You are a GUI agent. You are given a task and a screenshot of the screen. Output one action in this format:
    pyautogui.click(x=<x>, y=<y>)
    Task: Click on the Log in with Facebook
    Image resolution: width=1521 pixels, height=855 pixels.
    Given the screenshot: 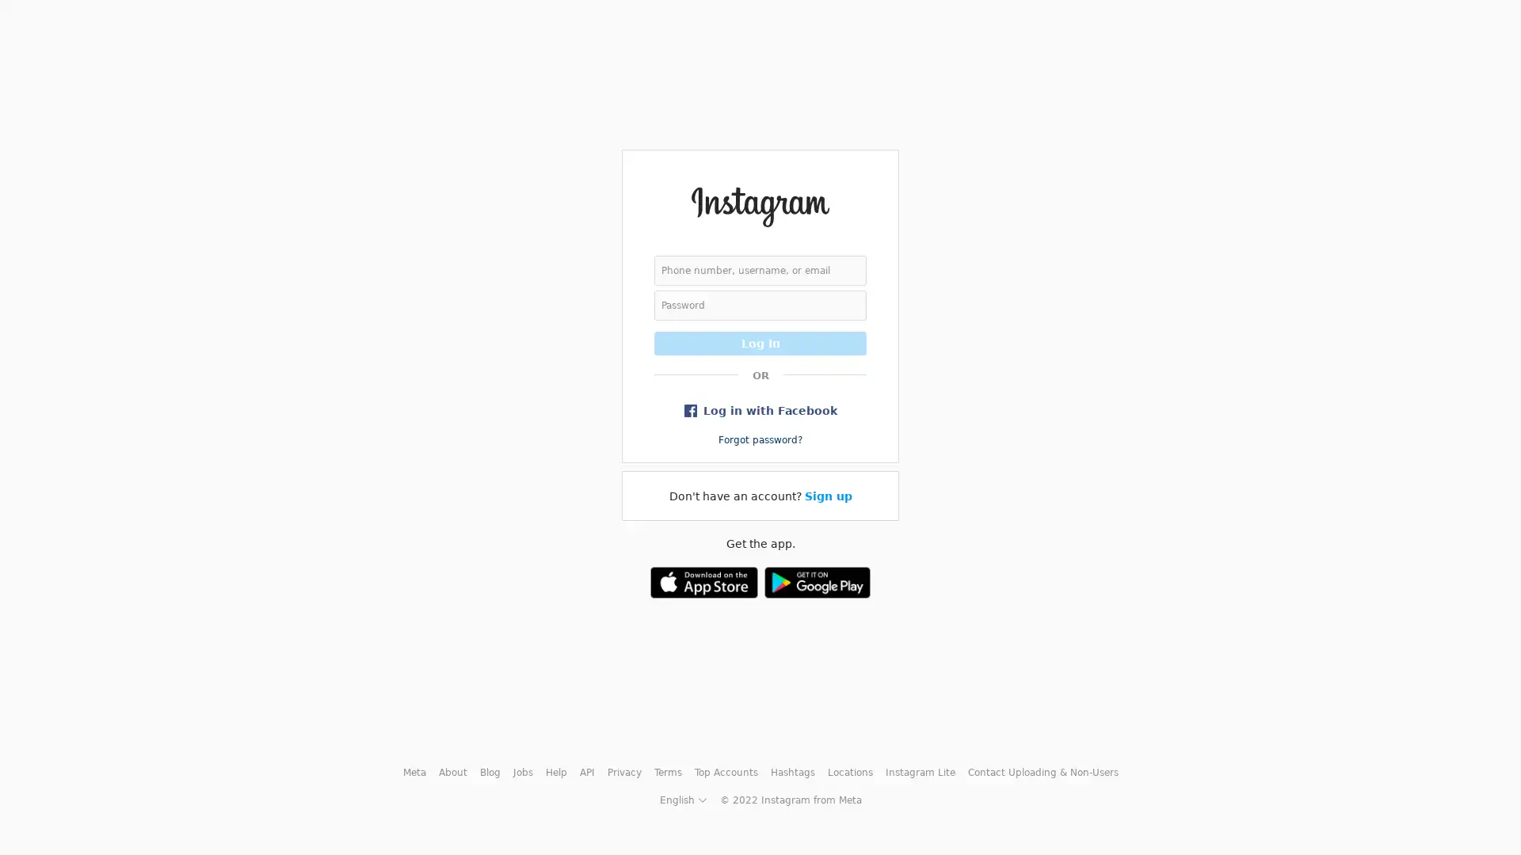 What is the action you would take?
    pyautogui.click(x=760, y=408)
    